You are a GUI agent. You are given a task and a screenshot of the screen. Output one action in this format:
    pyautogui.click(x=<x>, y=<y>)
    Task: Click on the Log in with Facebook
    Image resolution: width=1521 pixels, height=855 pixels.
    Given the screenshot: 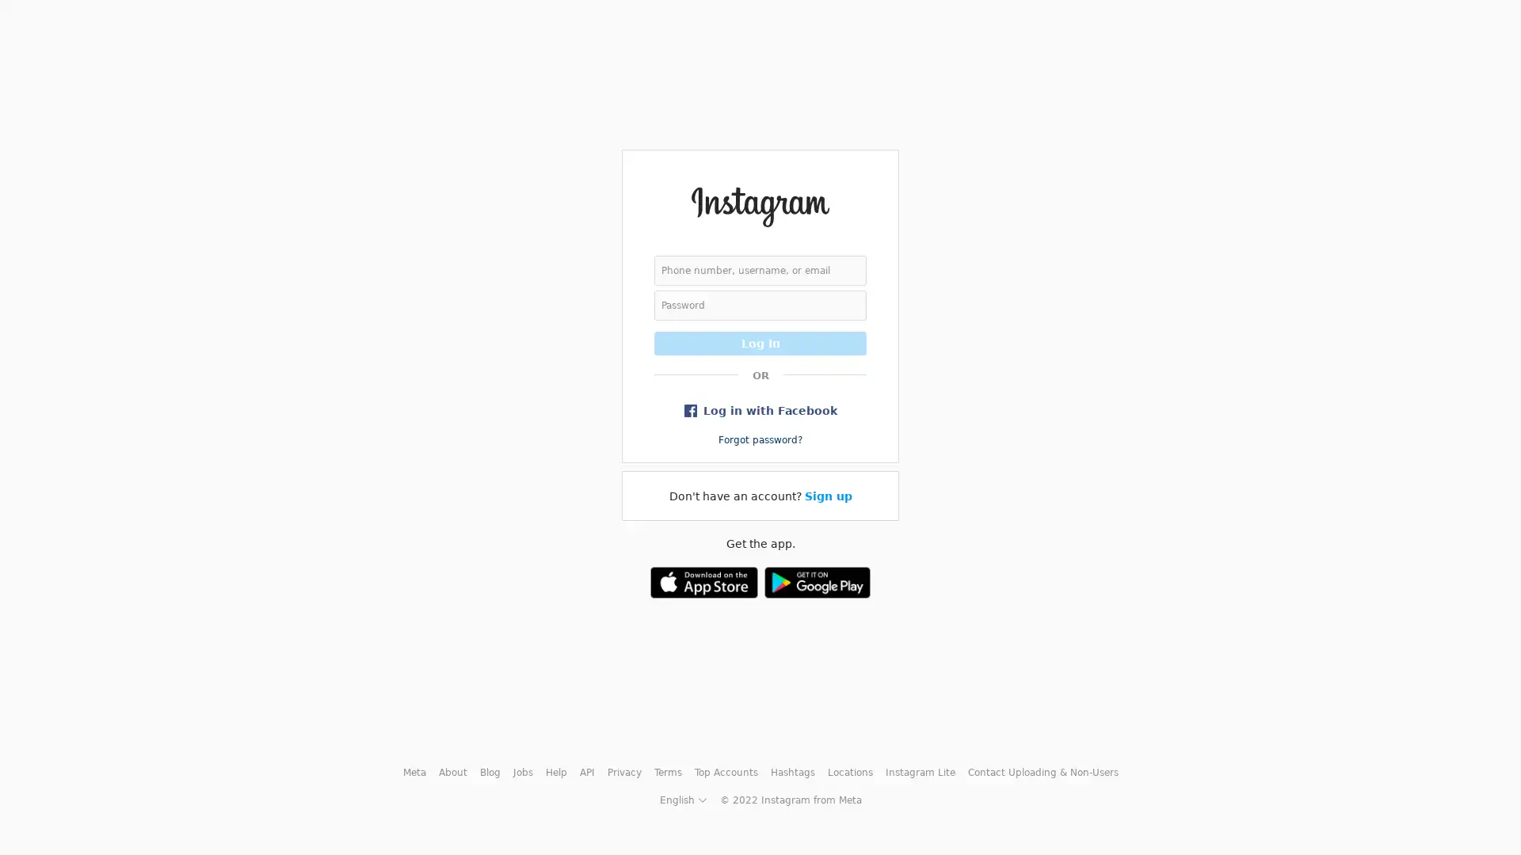 What is the action you would take?
    pyautogui.click(x=760, y=408)
    